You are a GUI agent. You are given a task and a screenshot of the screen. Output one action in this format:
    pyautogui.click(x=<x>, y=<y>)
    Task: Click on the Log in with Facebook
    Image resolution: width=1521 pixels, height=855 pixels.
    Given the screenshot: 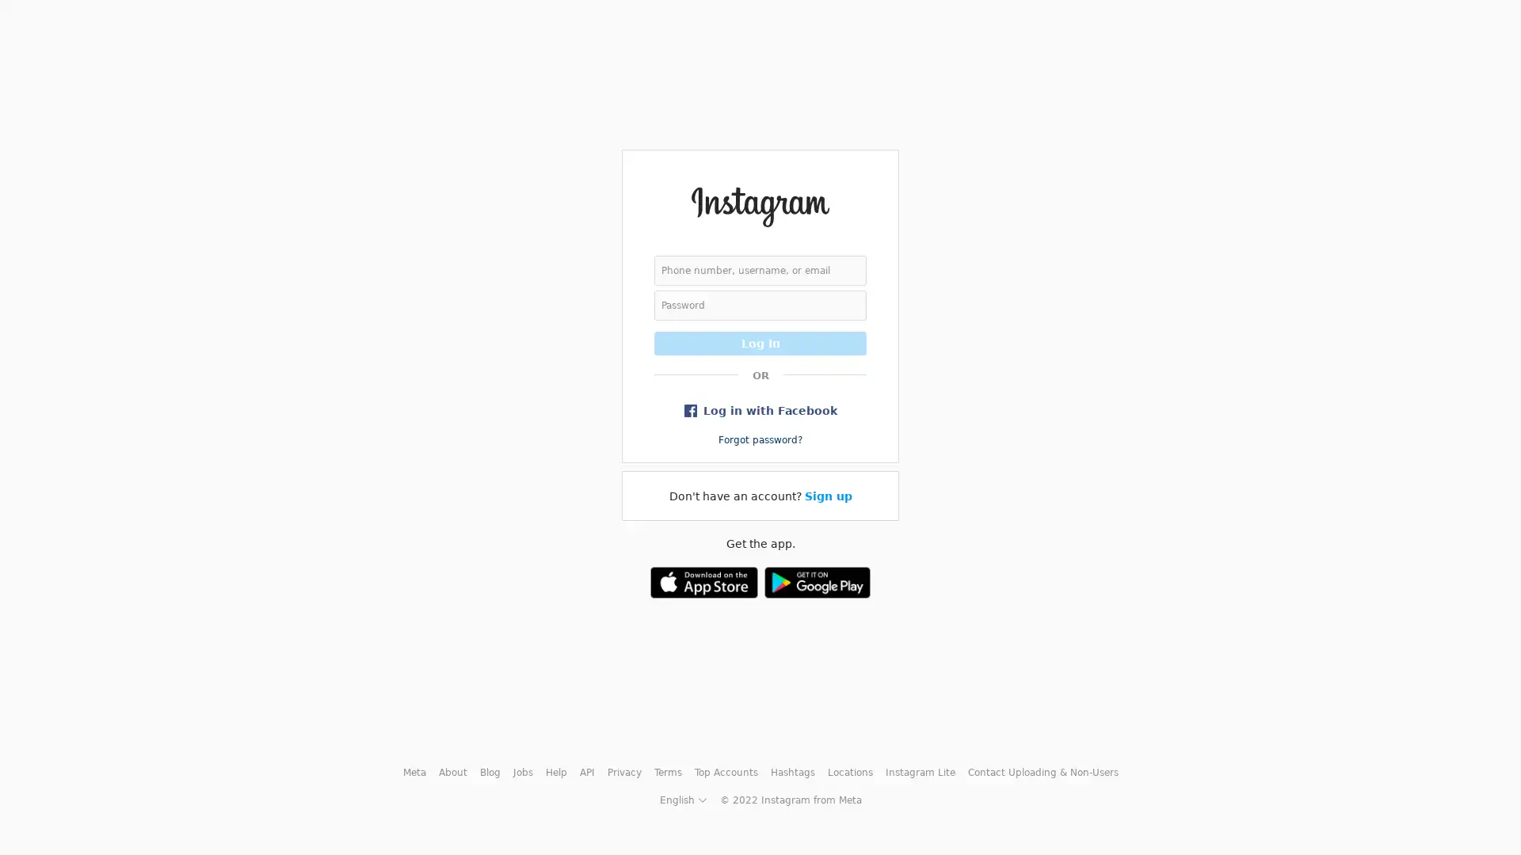 What is the action you would take?
    pyautogui.click(x=760, y=408)
    